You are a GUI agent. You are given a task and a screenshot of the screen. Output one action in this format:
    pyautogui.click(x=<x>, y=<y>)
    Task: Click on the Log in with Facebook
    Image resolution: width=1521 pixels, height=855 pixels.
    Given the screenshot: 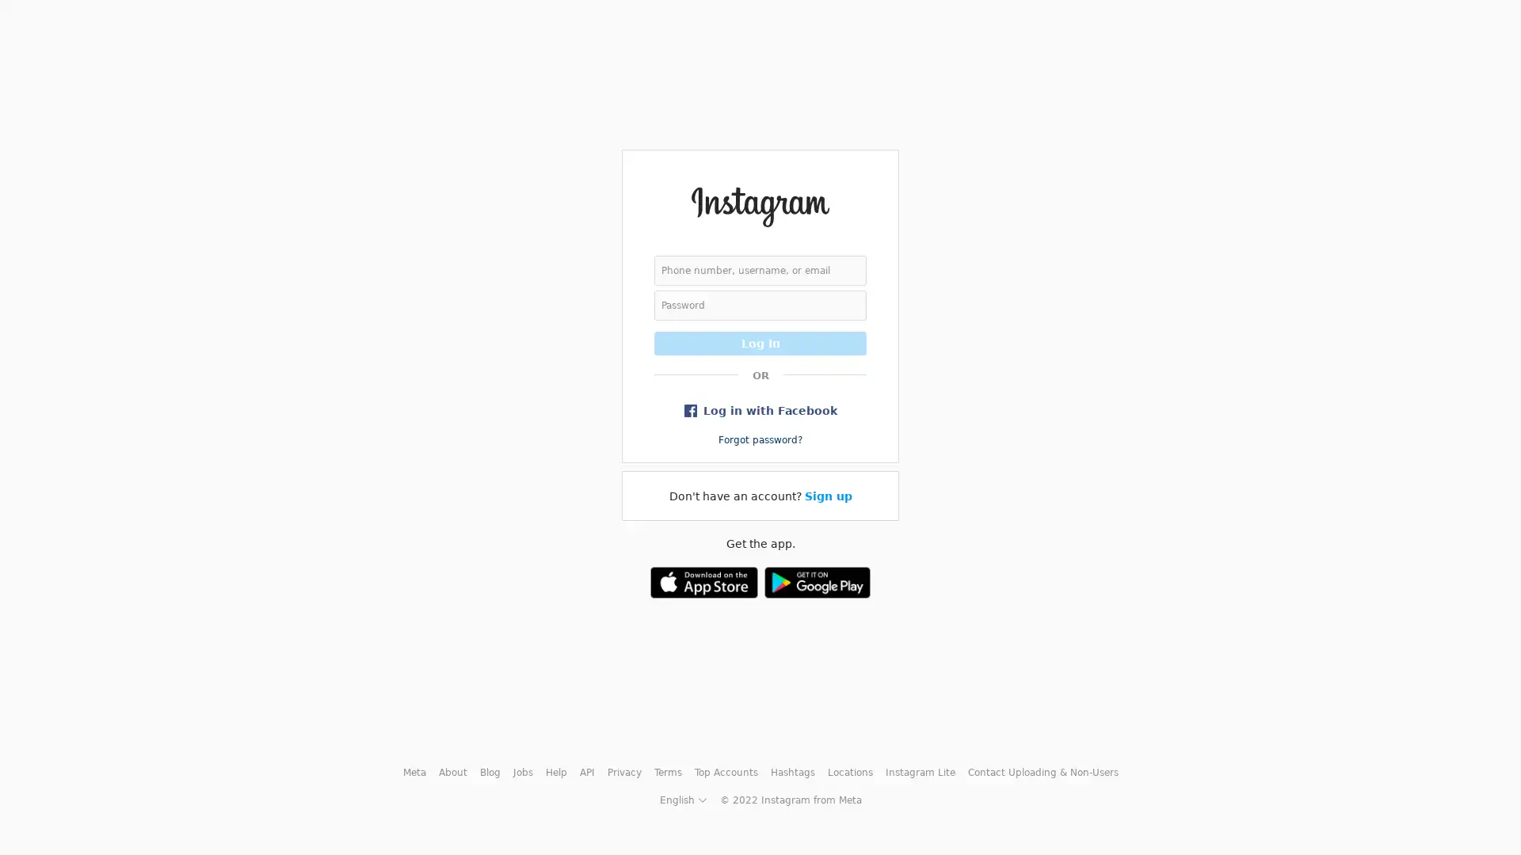 What is the action you would take?
    pyautogui.click(x=760, y=408)
    